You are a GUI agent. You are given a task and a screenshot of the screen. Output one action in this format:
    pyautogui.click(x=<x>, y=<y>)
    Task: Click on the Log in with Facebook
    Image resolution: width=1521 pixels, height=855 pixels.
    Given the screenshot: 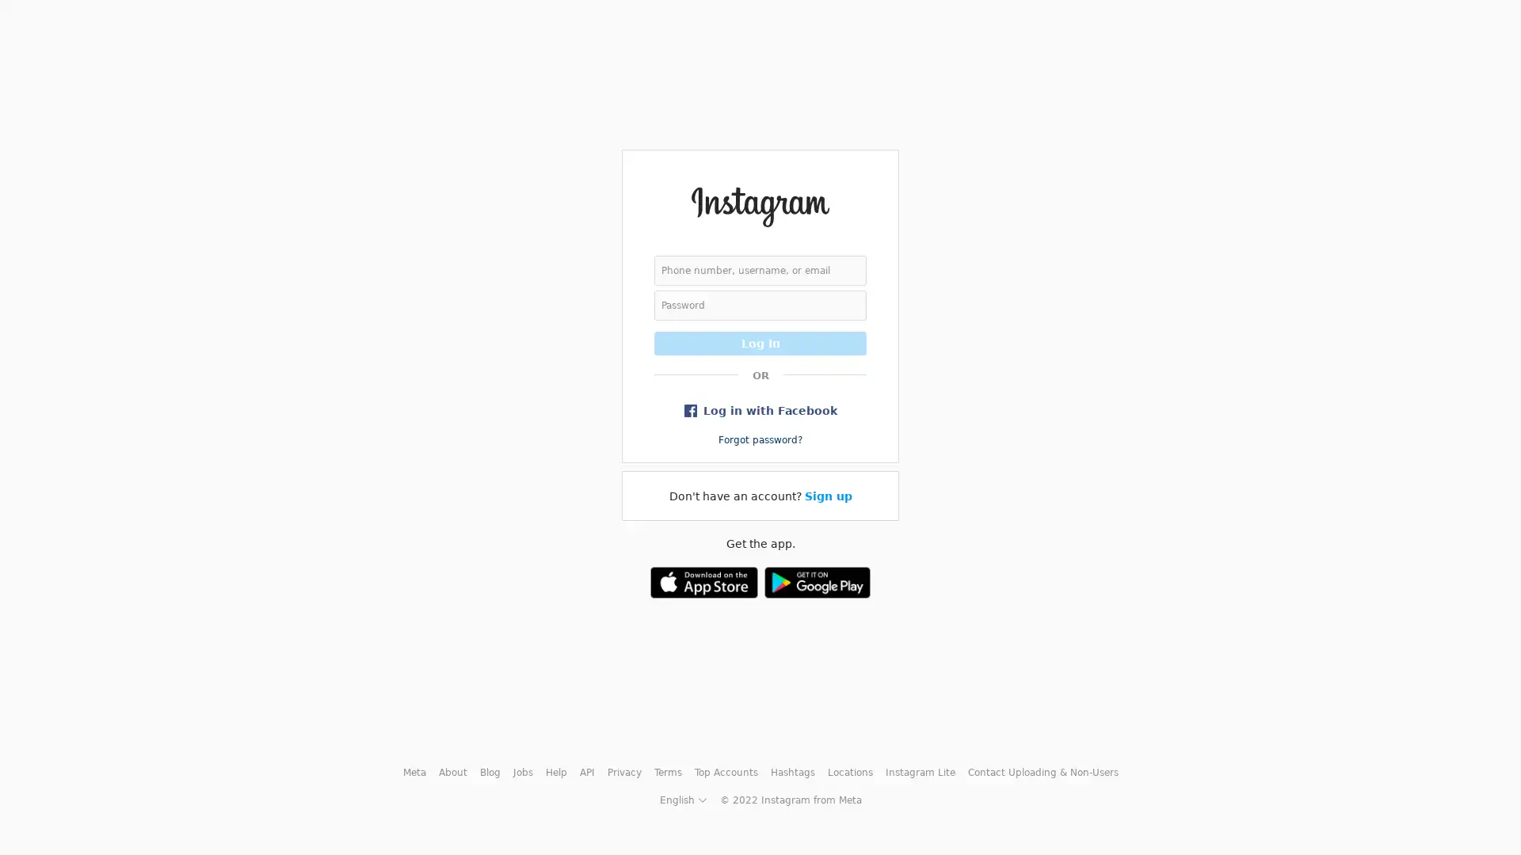 What is the action you would take?
    pyautogui.click(x=760, y=408)
    